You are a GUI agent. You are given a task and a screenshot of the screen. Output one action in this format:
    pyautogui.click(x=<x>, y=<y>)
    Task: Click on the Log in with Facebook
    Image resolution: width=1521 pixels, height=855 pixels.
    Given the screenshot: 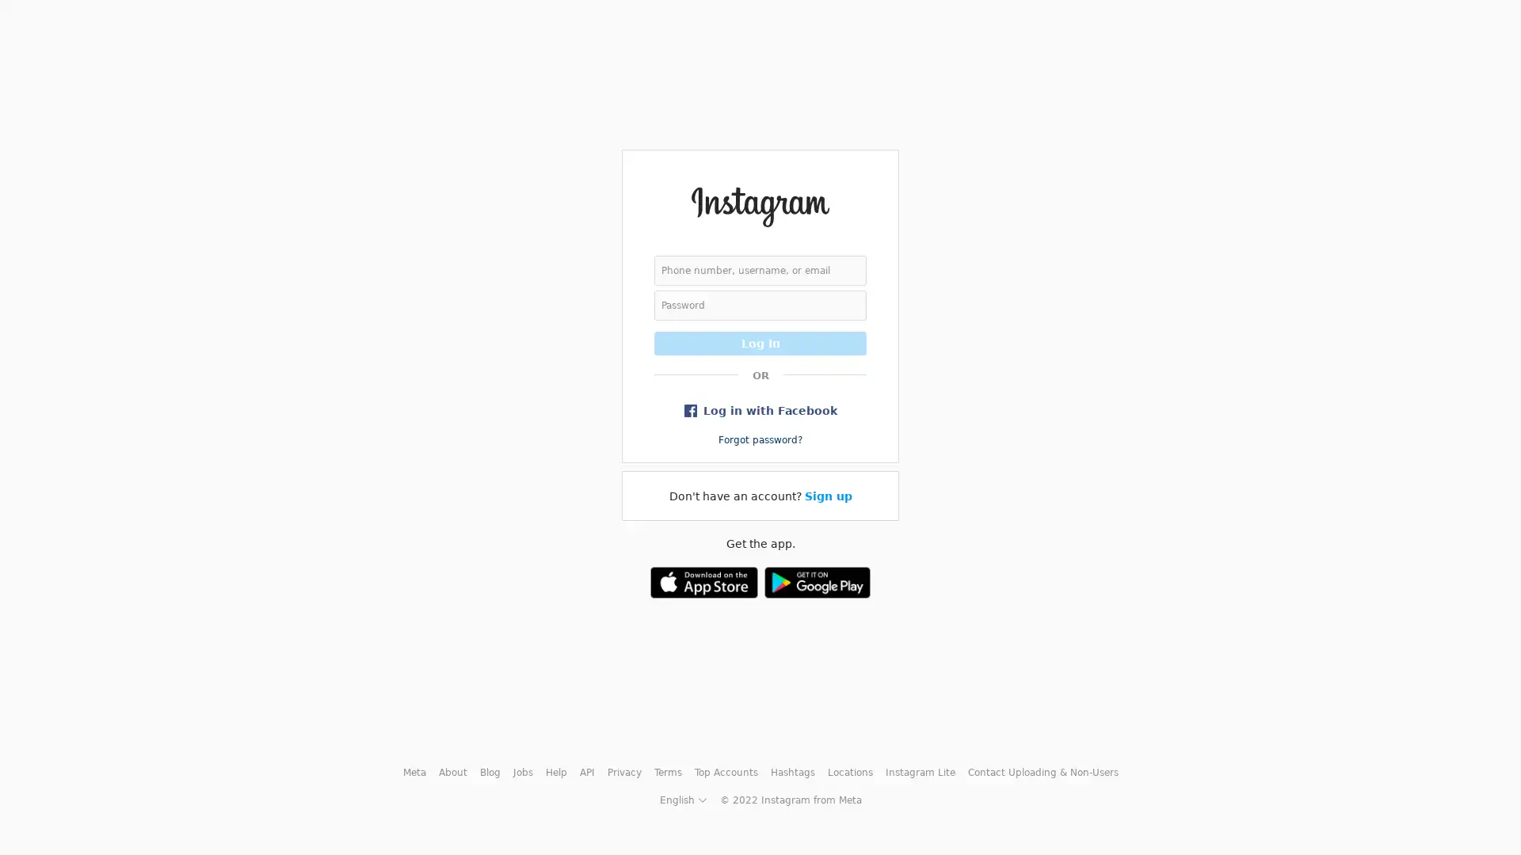 What is the action you would take?
    pyautogui.click(x=760, y=408)
    